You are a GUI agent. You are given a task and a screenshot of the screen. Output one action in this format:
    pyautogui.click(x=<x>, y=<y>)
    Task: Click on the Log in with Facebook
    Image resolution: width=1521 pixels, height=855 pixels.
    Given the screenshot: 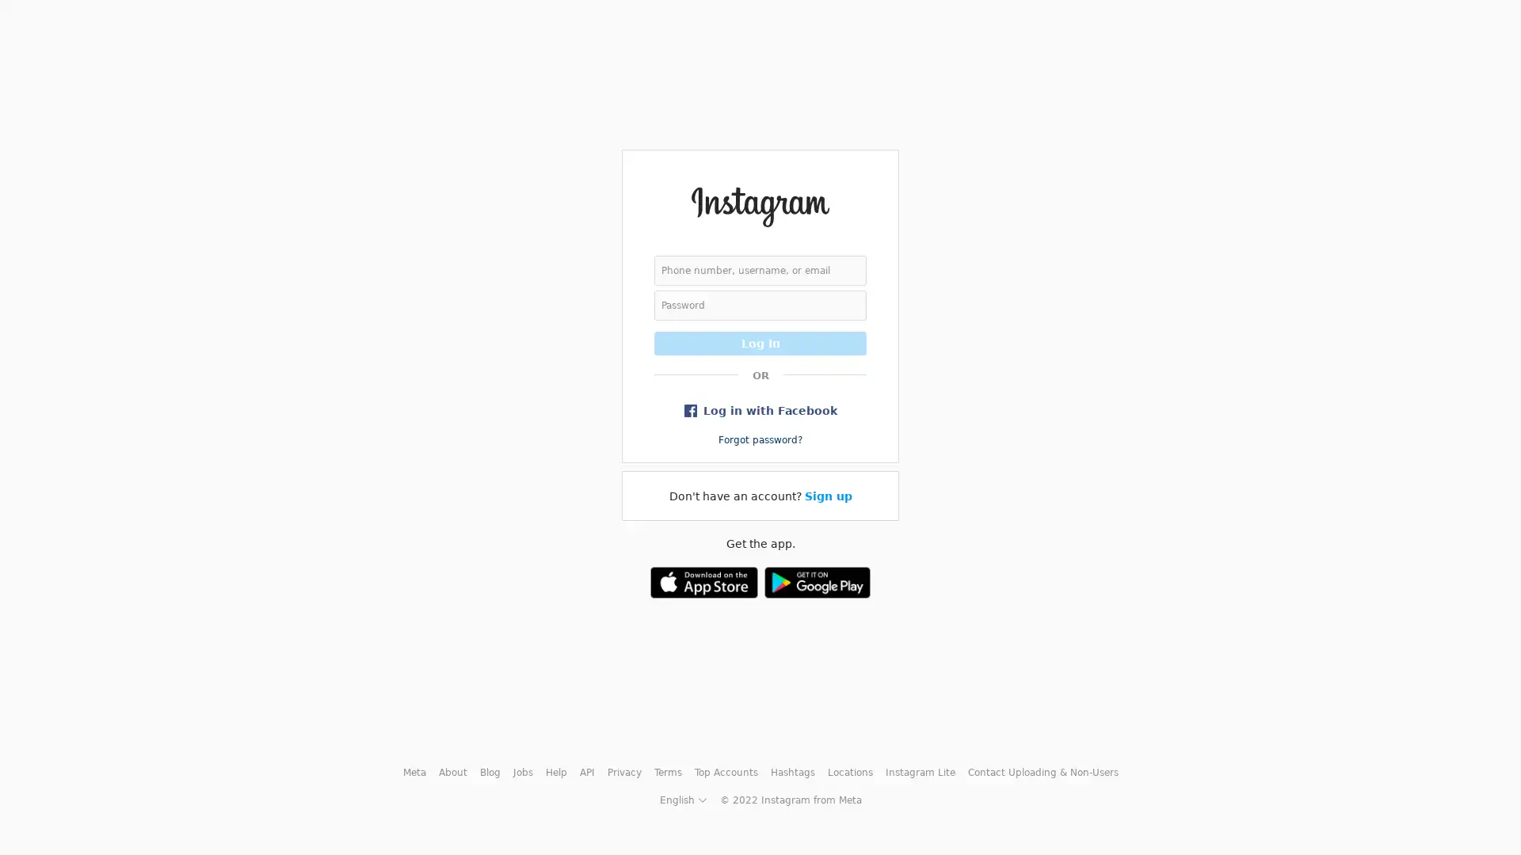 What is the action you would take?
    pyautogui.click(x=760, y=408)
    